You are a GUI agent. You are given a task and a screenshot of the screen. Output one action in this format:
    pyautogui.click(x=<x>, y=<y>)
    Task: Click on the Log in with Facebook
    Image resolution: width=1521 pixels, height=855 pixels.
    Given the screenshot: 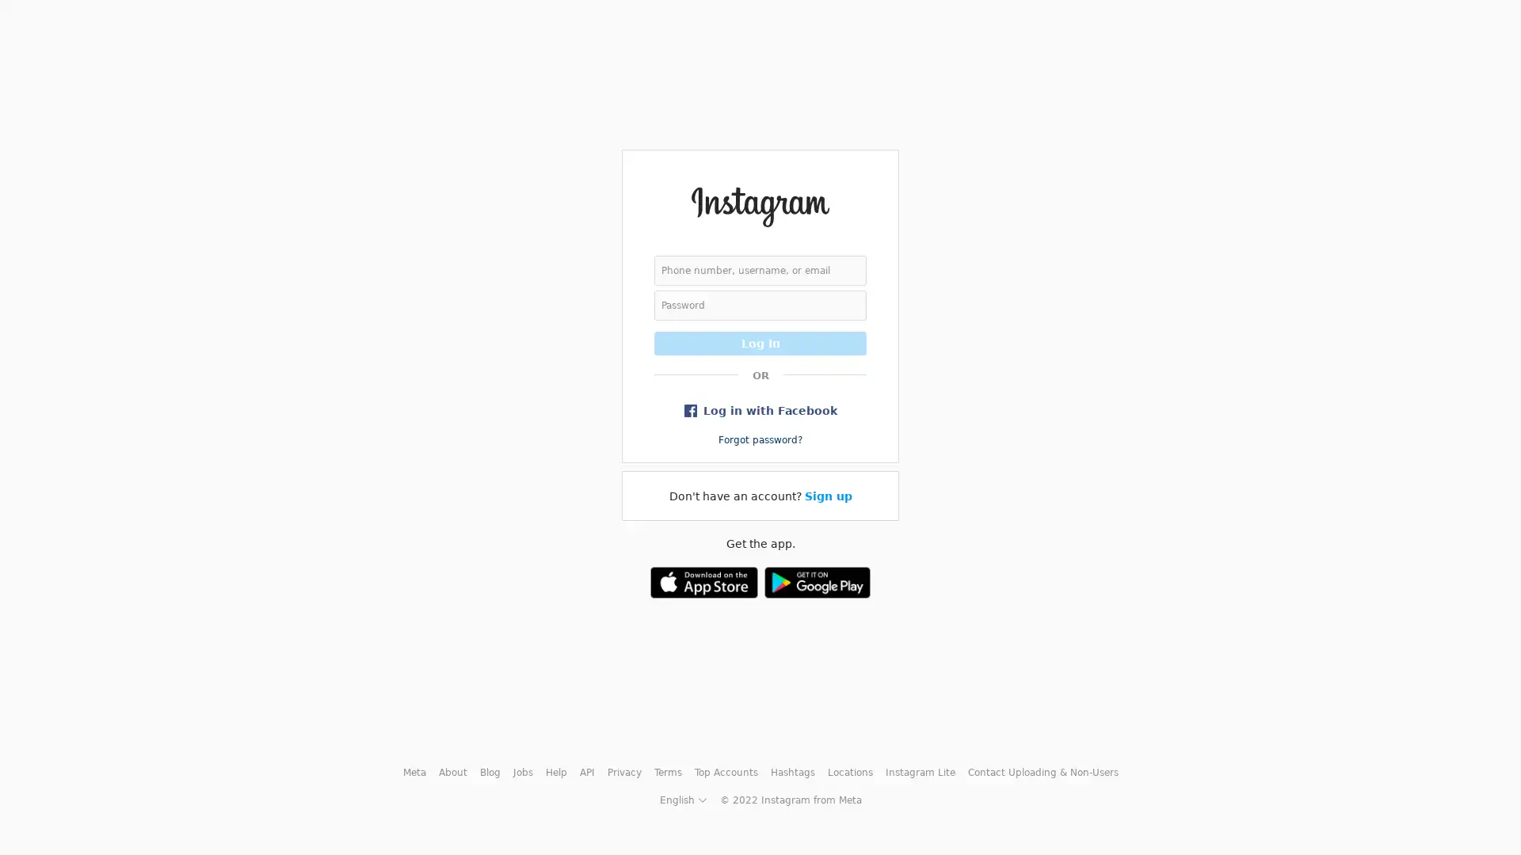 What is the action you would take?
    pyautogui.click(x=760, y=408)
    